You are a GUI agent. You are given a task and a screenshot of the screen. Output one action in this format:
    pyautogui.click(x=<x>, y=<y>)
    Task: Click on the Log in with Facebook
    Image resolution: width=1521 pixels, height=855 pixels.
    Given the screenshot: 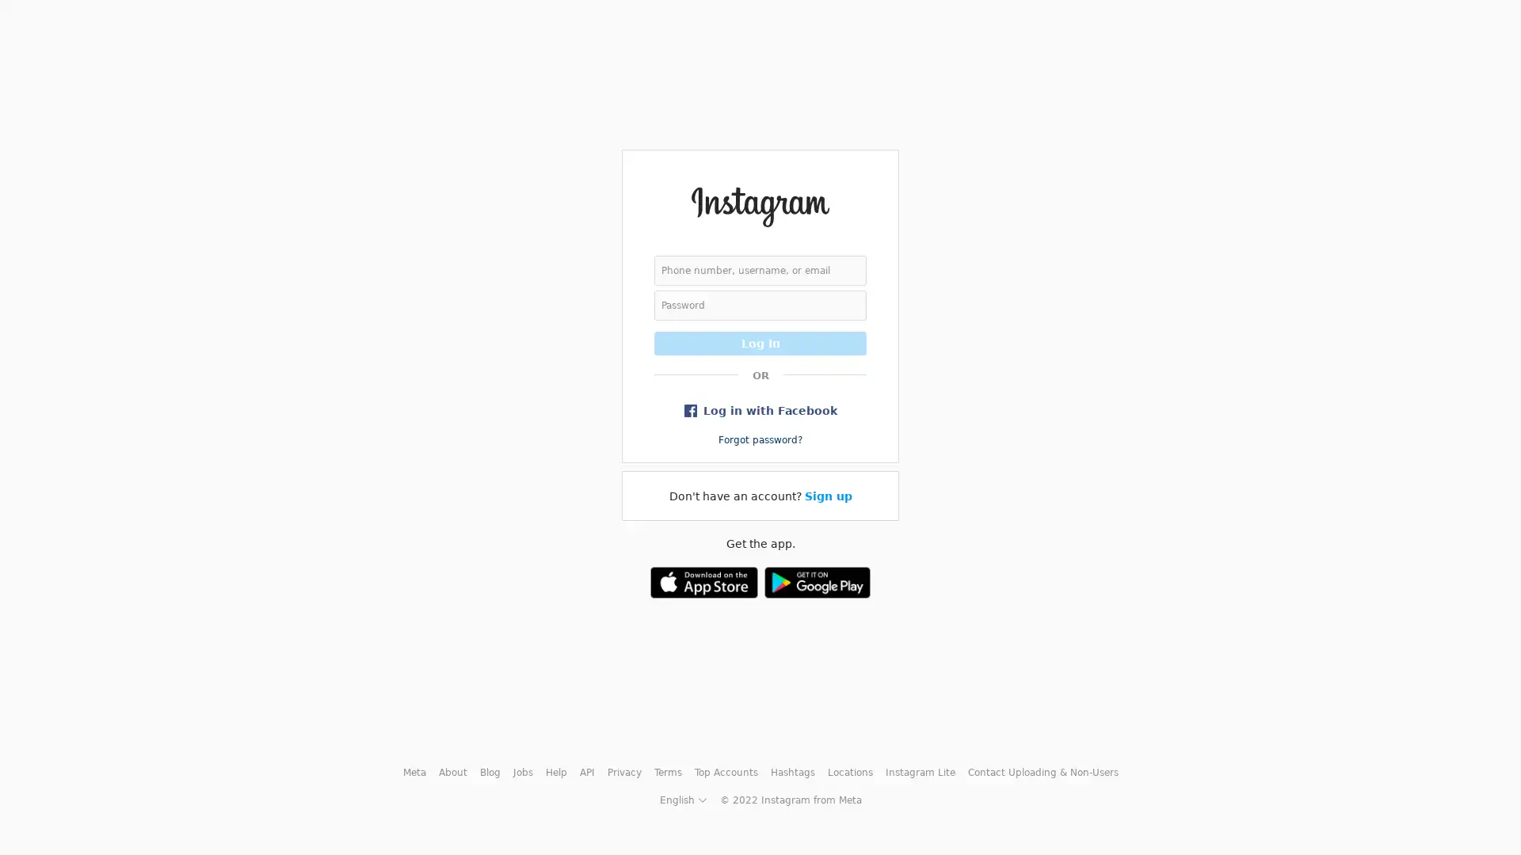 What is the action you would take?
    pyautogui.click(x=760, y=408)
    